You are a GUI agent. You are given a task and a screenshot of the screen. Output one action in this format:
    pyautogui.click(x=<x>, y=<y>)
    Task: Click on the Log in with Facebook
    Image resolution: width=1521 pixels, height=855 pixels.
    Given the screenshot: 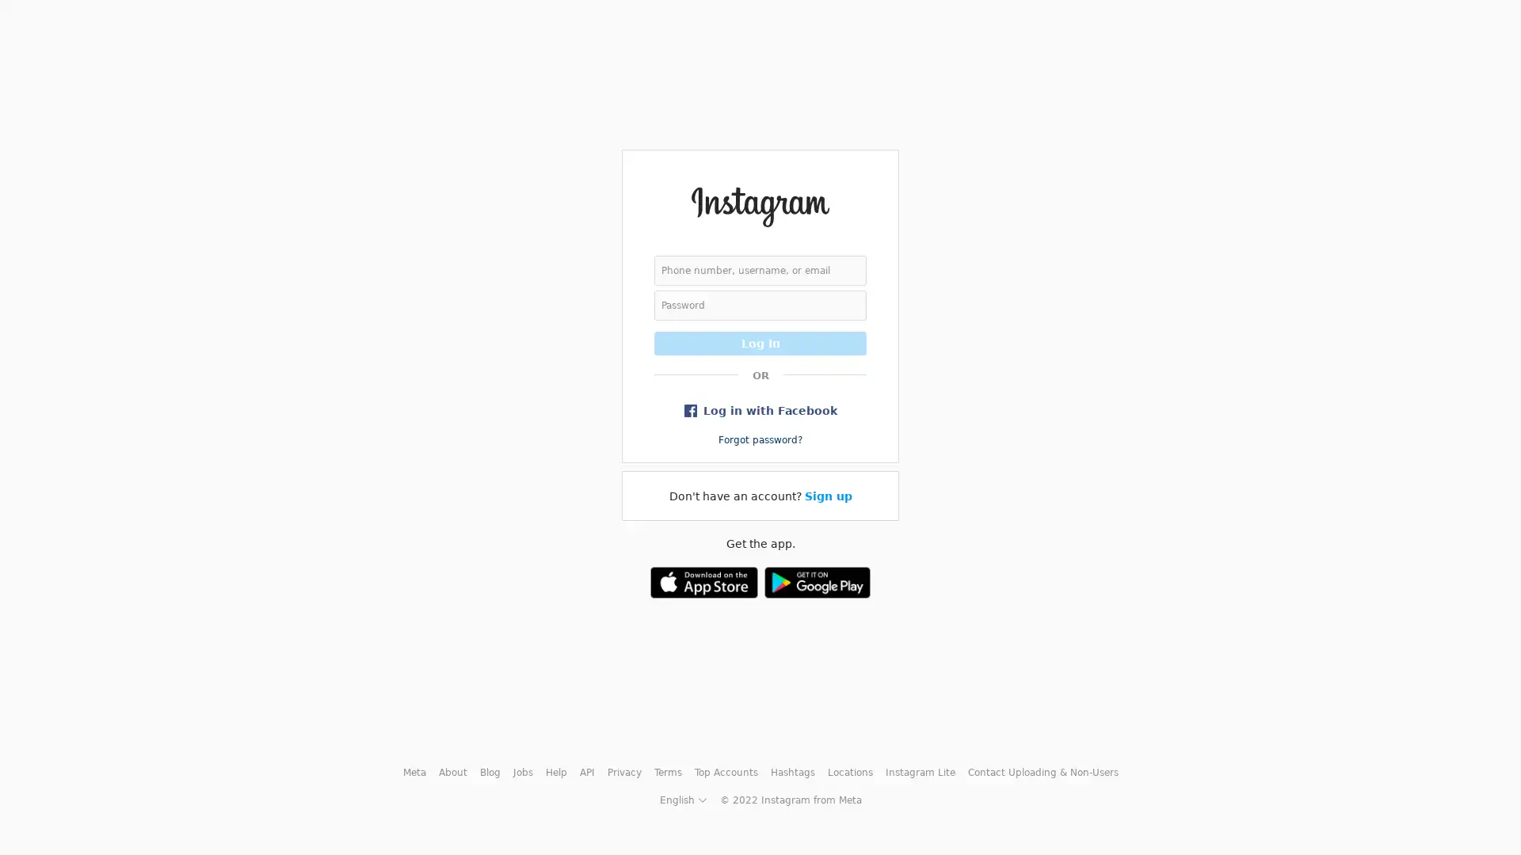 What is the action you would take?
    pyautogui.click(x=760, y=408)
    